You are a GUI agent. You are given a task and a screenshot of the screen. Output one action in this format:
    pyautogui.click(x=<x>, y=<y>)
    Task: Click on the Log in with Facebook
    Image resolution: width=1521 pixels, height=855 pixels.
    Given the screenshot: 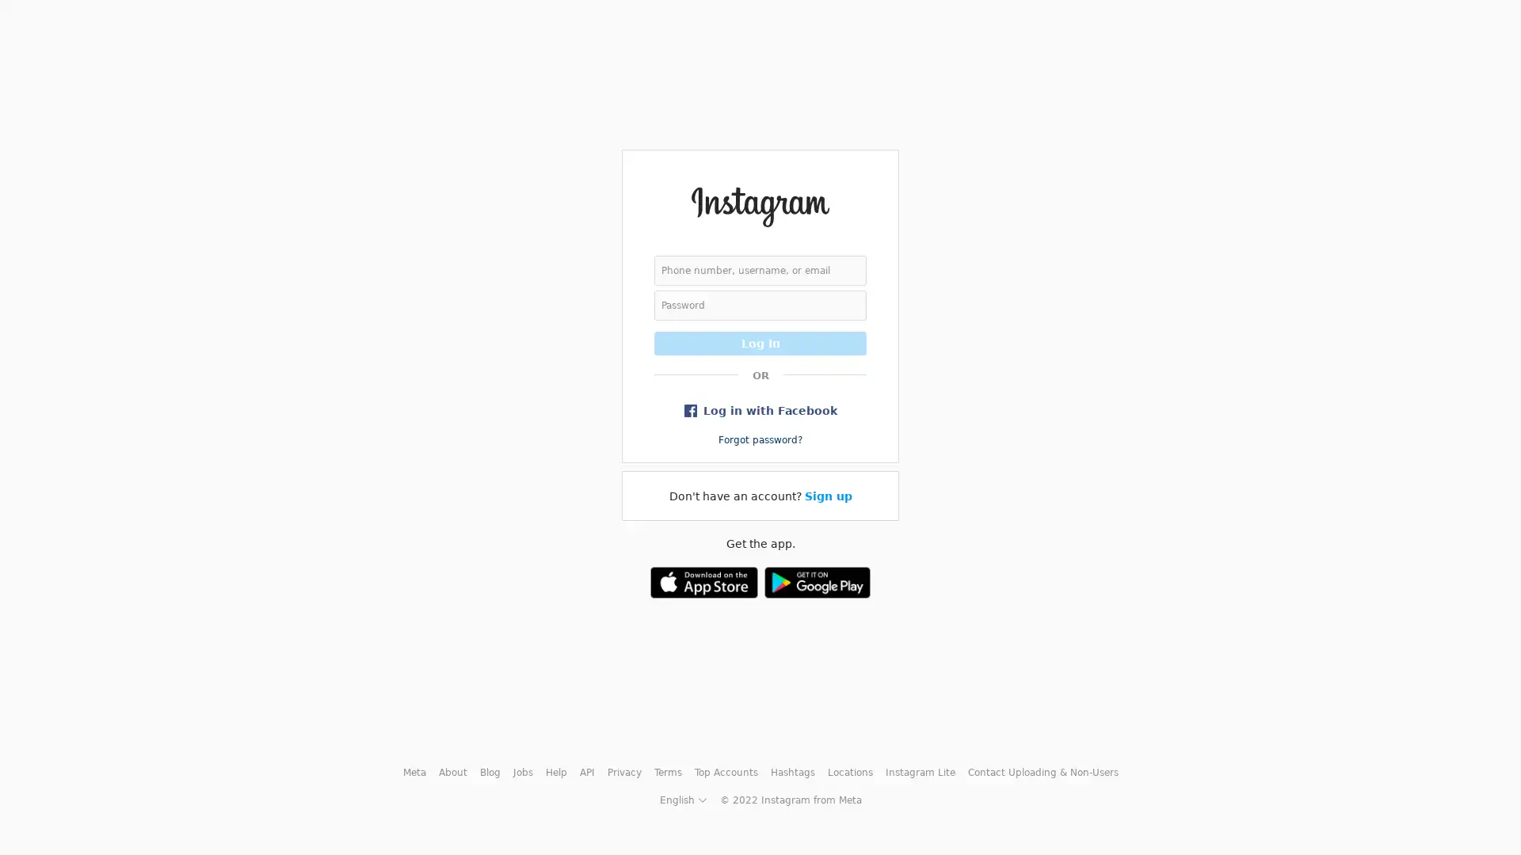 What is the action you would take?
    pyautogui.click(x=760, y=408)
    